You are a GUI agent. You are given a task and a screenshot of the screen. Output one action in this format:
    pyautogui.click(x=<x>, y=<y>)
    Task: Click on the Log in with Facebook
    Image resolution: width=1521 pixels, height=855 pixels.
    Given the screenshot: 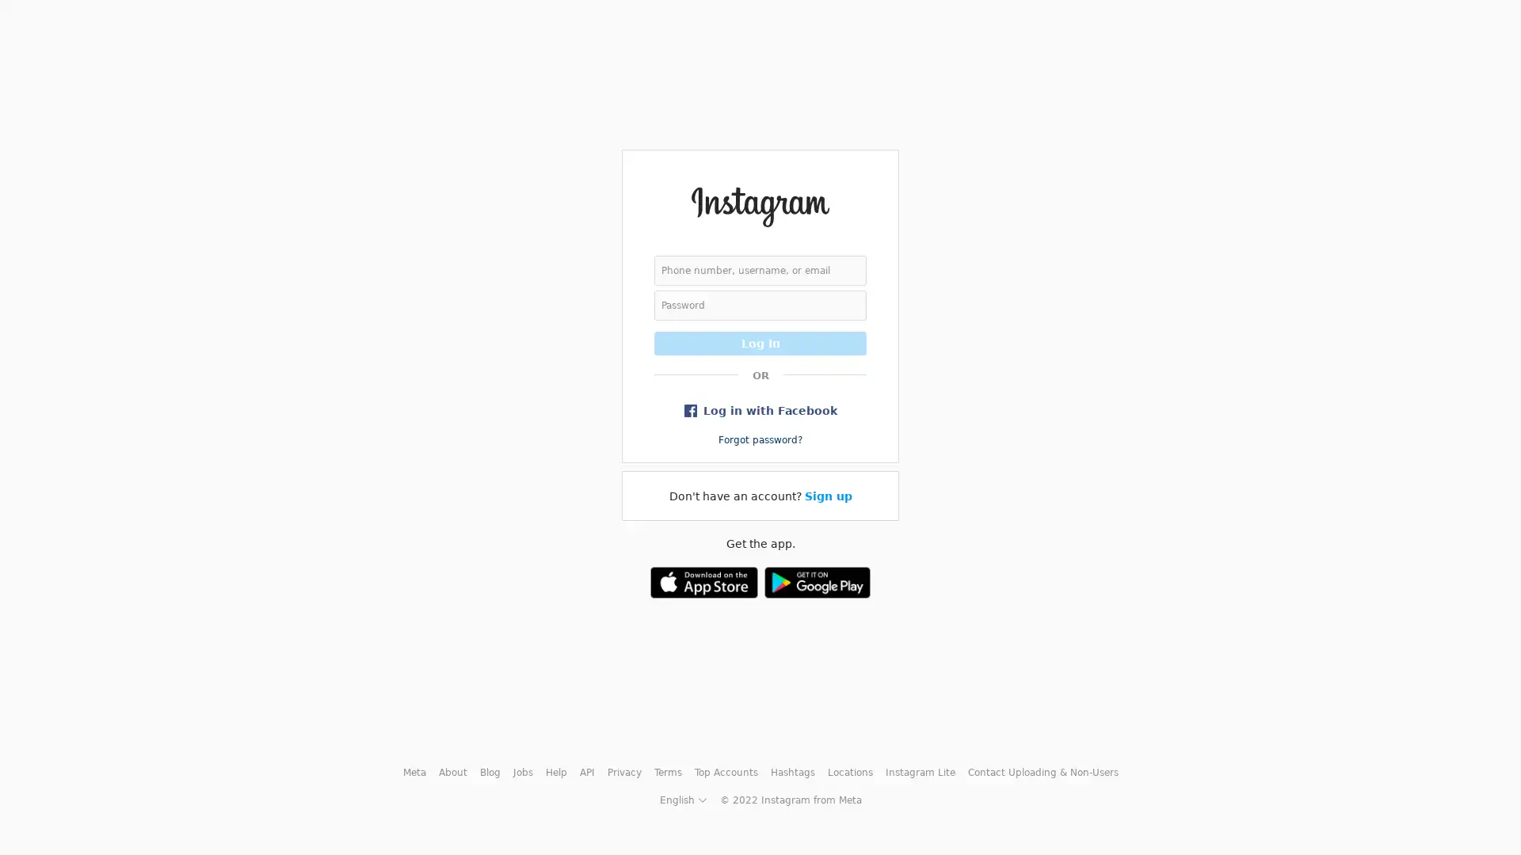 What is the action you would take?
    pyautogui.click(x=760, y=408)
    